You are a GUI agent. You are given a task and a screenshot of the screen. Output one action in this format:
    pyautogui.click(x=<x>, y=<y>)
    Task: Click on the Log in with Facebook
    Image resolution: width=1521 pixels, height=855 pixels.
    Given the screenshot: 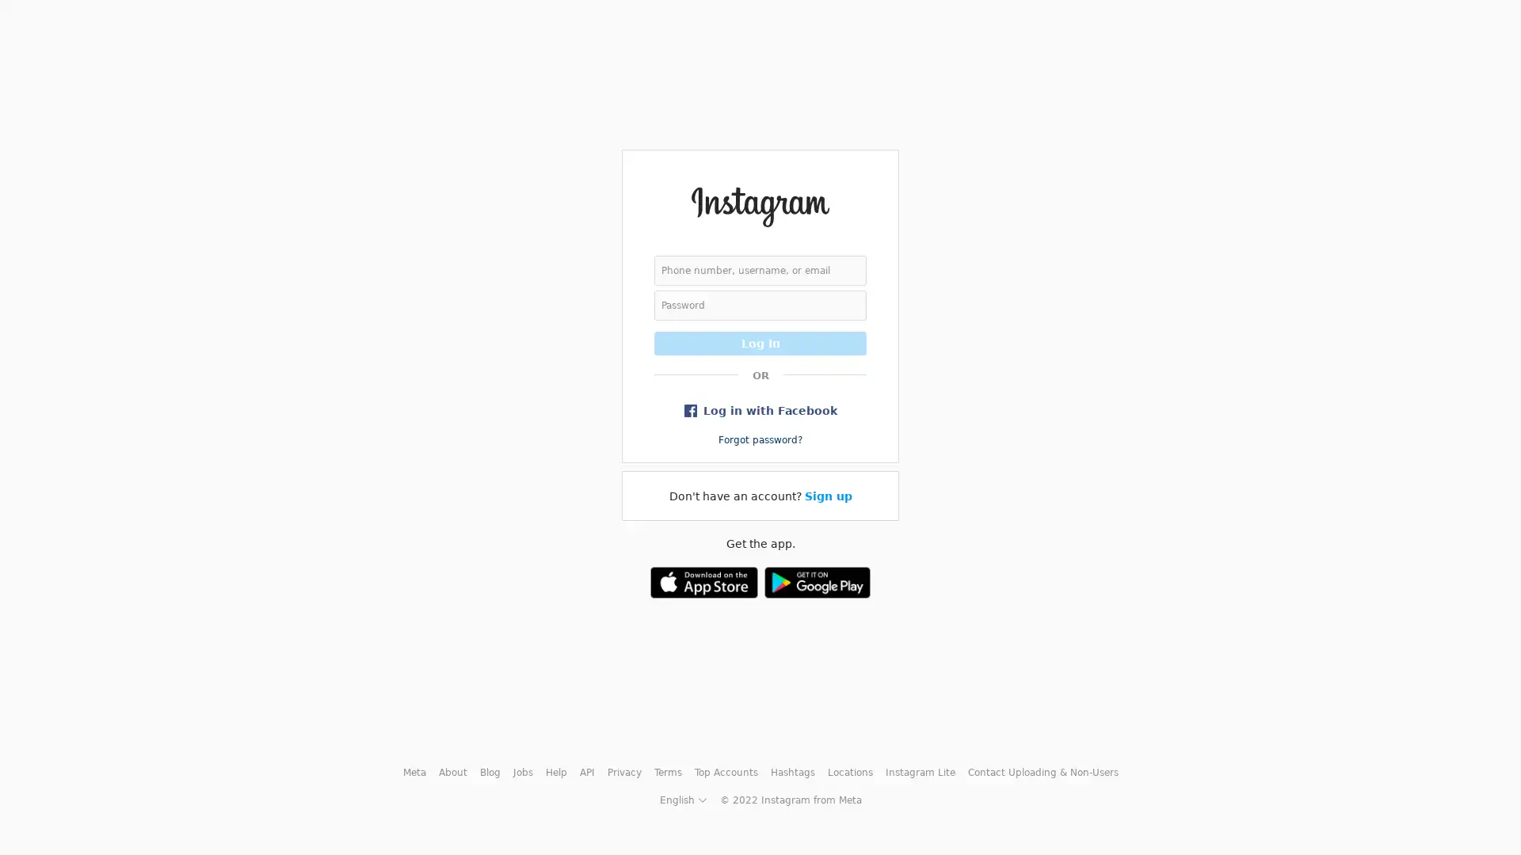 What is the action you would take?
    pyautogui.click(x=760, y=408)
    